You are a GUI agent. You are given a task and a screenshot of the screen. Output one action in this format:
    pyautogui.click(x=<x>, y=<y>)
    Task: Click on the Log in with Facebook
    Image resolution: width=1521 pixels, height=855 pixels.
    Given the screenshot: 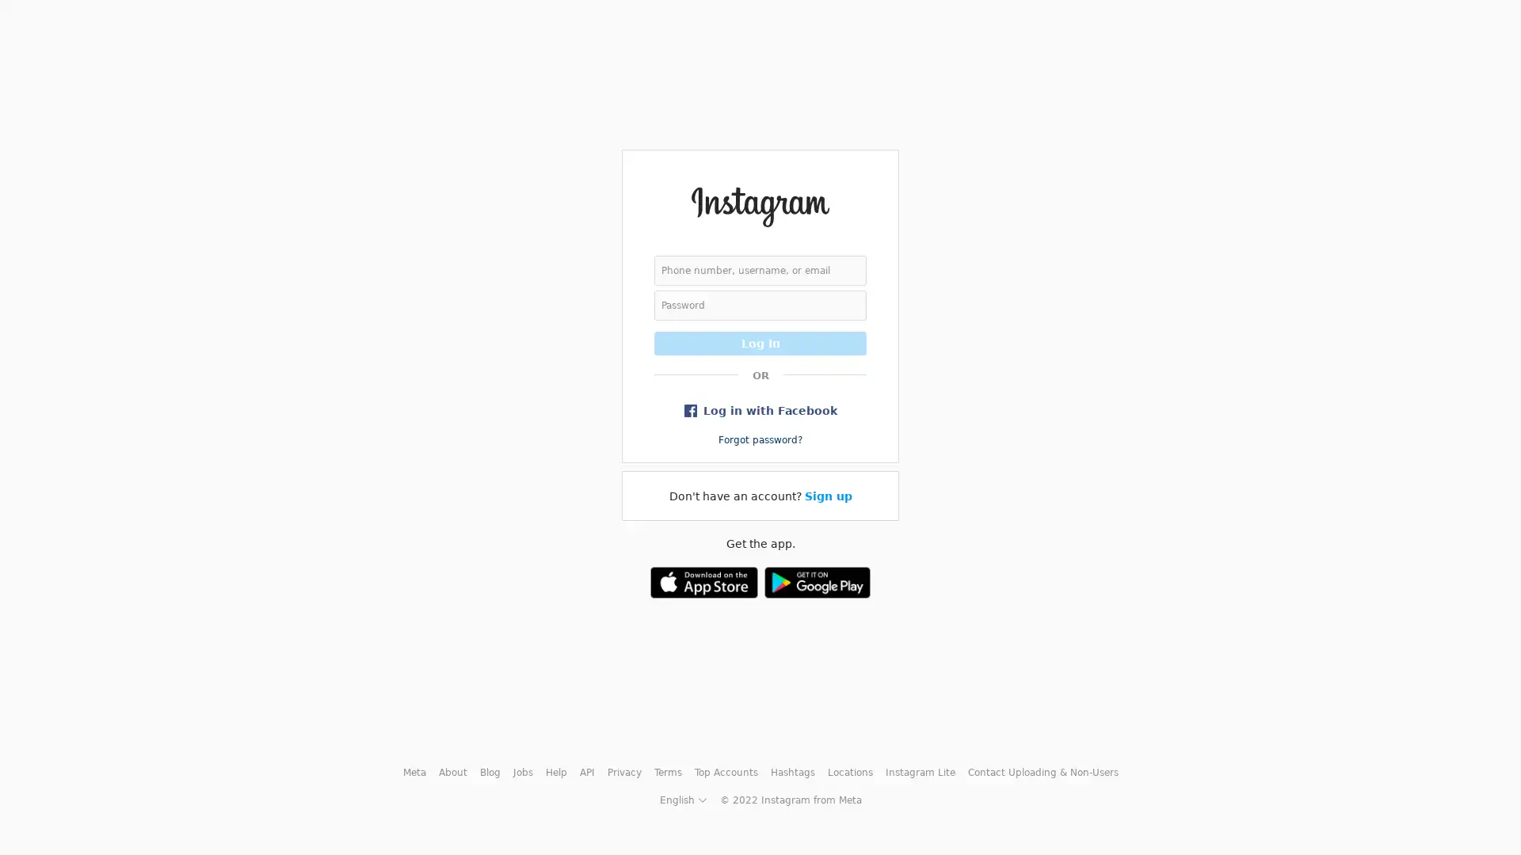 What is the action you would take?
    pyautogui.click(x=760, y=408)
    